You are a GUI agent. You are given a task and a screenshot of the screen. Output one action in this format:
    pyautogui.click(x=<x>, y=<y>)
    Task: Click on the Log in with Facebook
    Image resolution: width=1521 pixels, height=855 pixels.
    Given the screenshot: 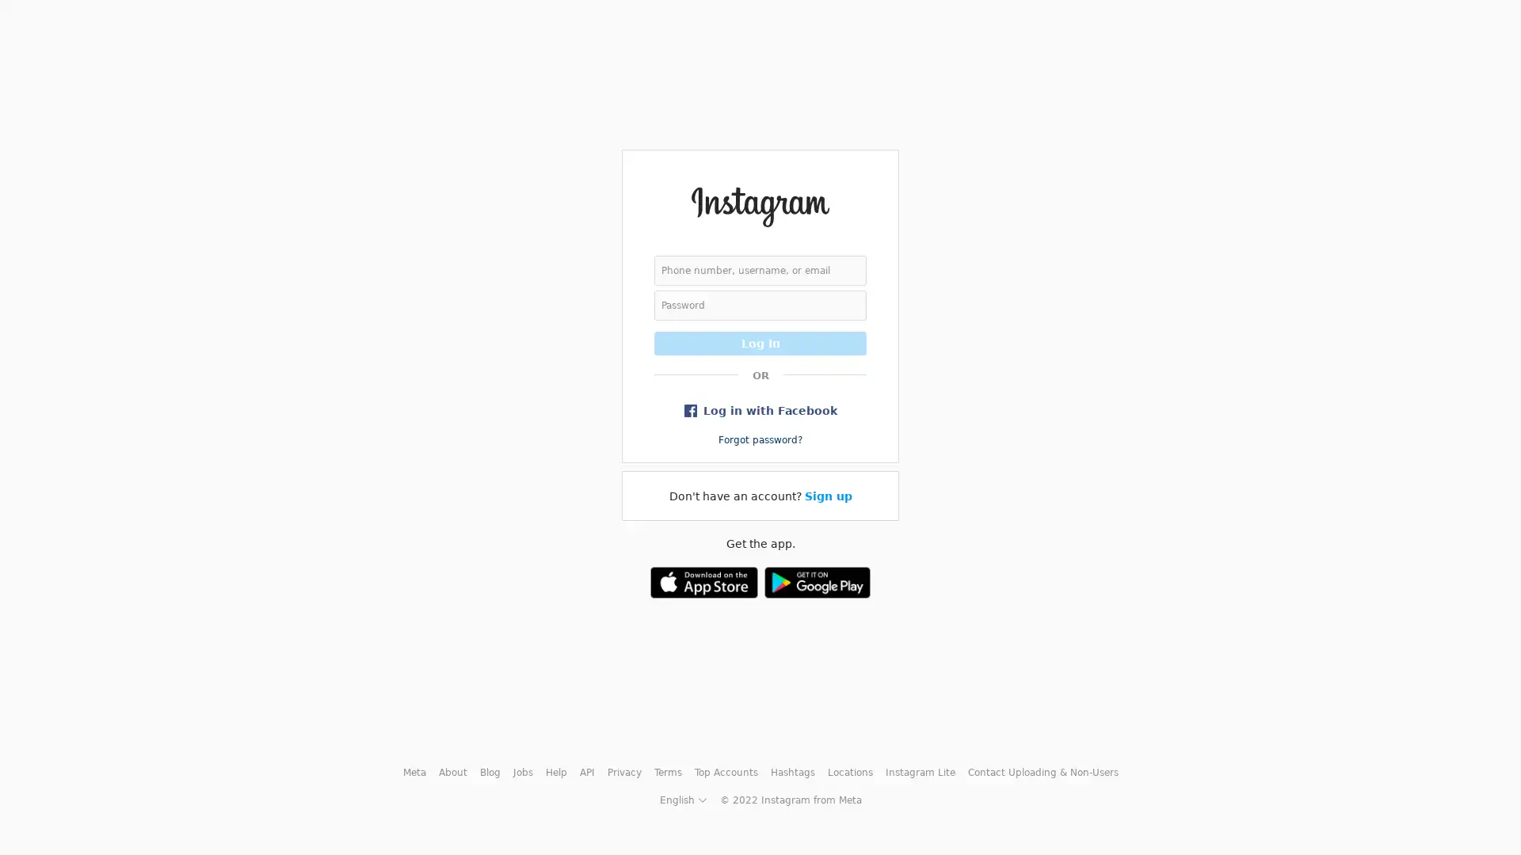 What is the action you would take?
    pyautogui.click(x=760, y=408)
    